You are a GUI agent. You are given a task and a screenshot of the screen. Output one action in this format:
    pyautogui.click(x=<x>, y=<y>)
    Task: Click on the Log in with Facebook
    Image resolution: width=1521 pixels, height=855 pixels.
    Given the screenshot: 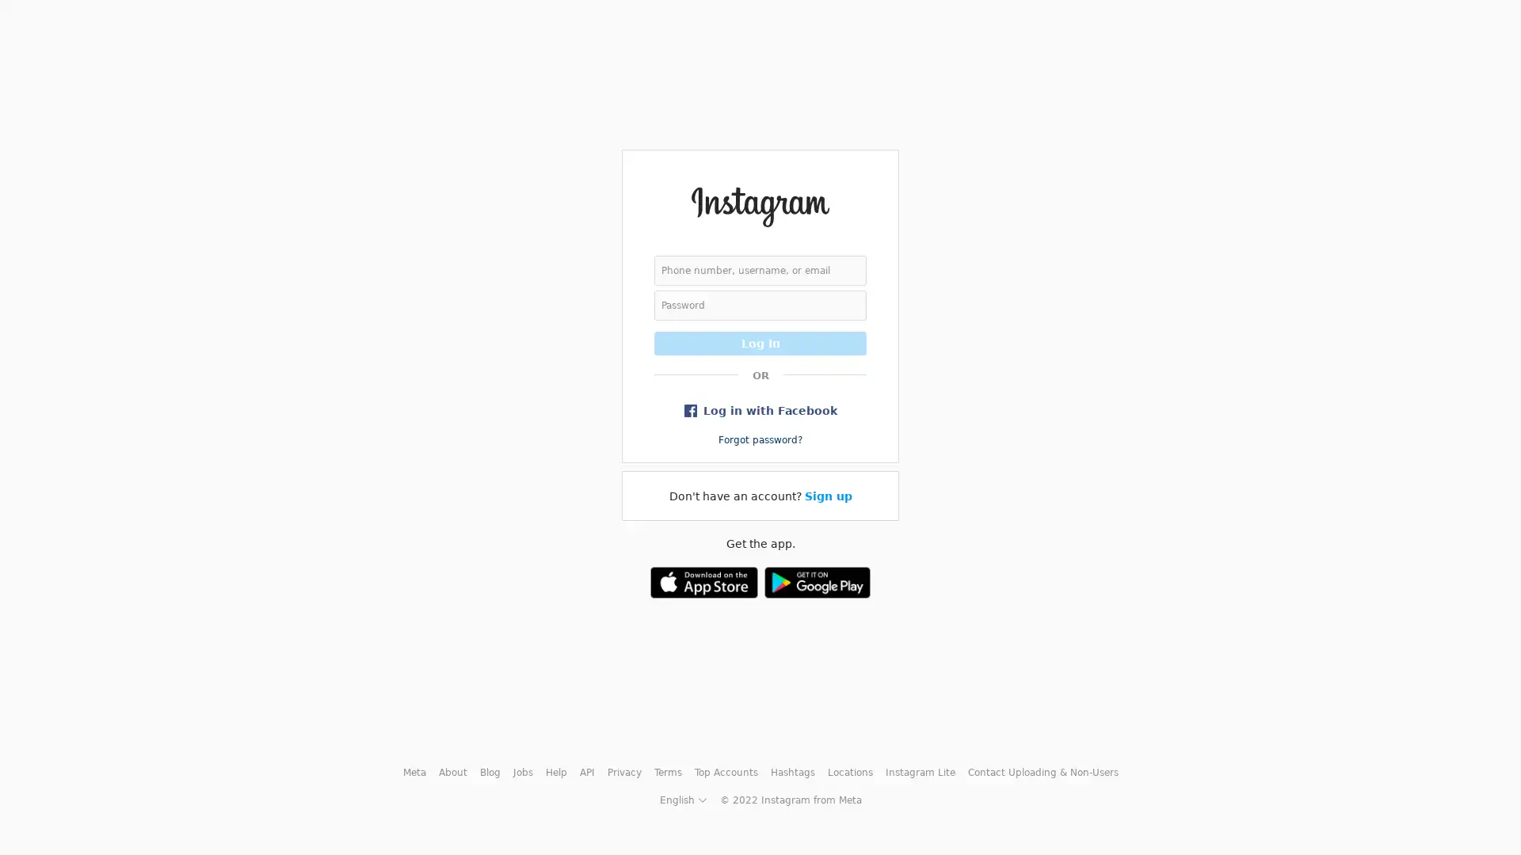 What is the action you would take?
    pyautogui.click(x=760, y=408)
    